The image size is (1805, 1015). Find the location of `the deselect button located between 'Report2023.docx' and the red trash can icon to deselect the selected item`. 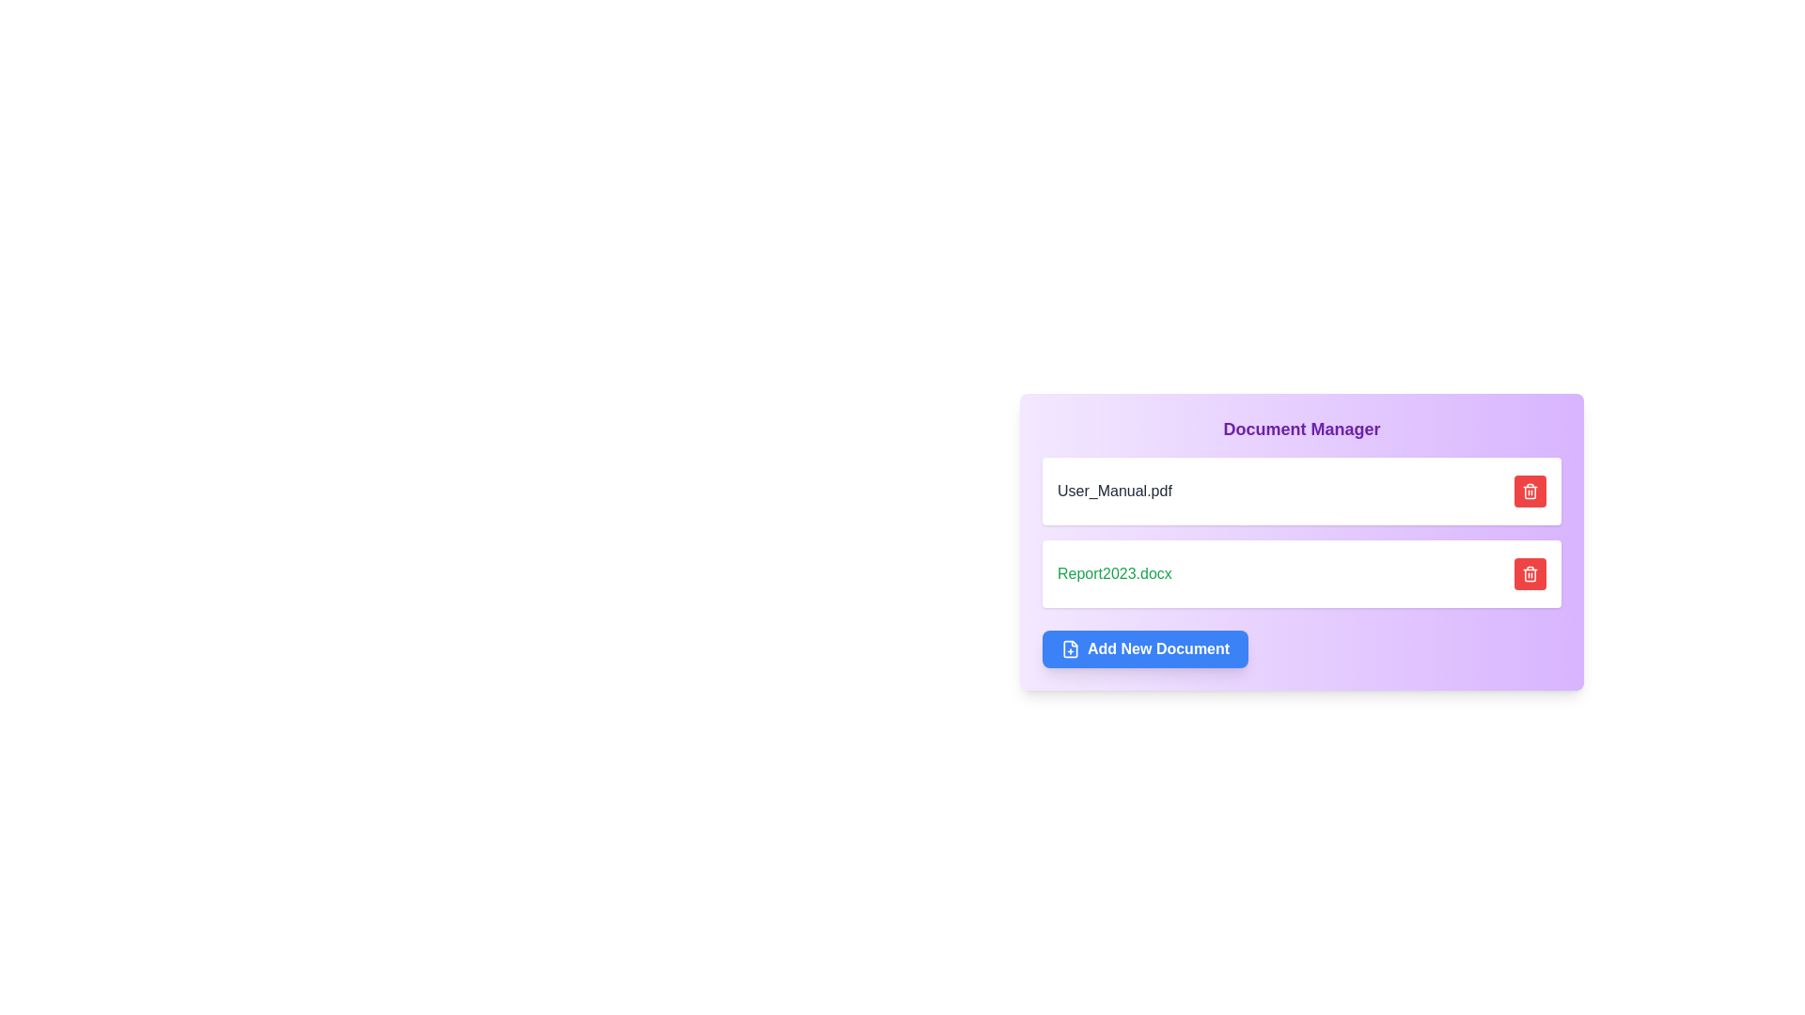

the deselect button located between 'Report2023.docx' and the red trash can icon to deselect the selected item is located at coordinates (1461, 572).